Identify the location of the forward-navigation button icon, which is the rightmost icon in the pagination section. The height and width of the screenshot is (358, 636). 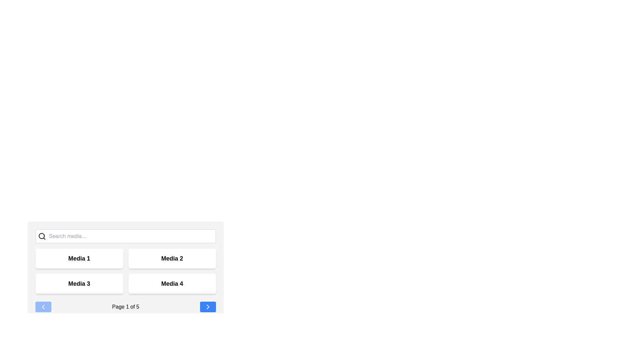
(208, 307).